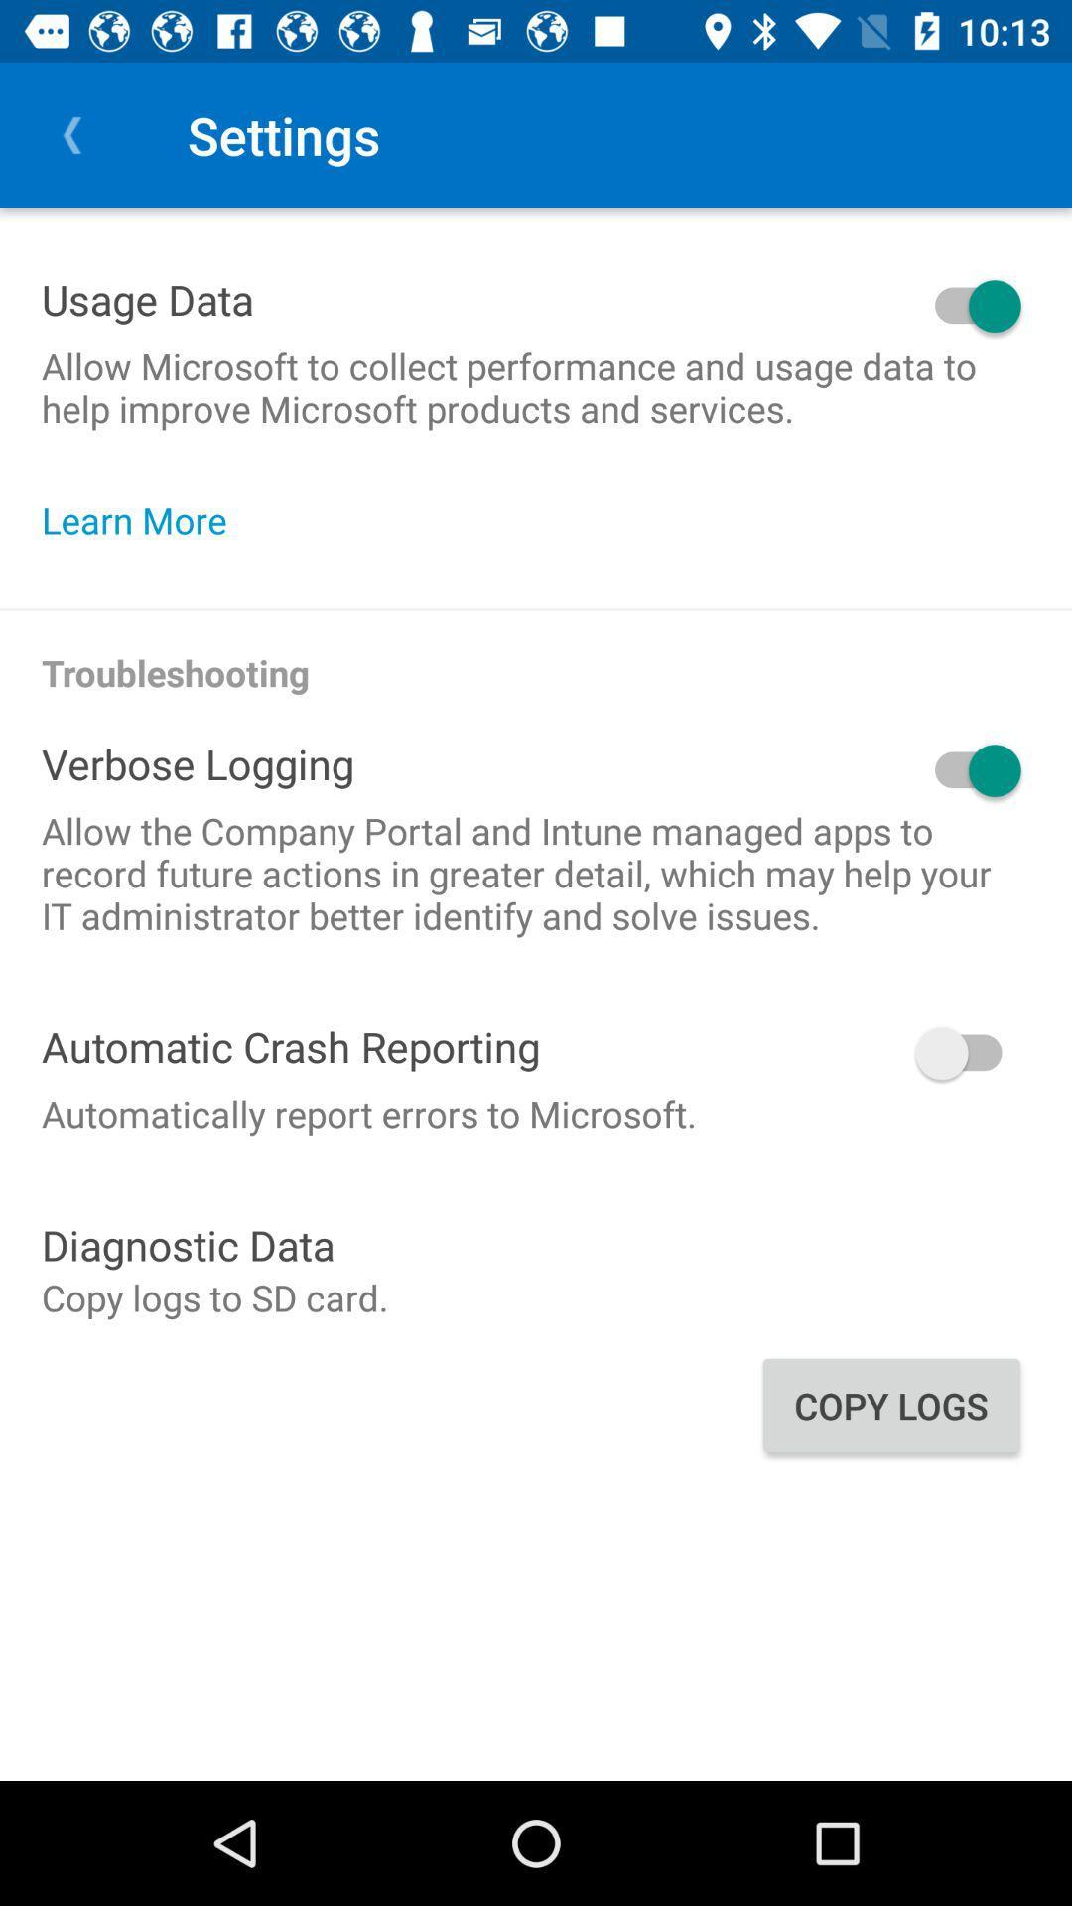 This screenshot has width=1072, height=1906. I want to click on onoff button which is right side of the automatic crash reporting, so click(784, 1052).